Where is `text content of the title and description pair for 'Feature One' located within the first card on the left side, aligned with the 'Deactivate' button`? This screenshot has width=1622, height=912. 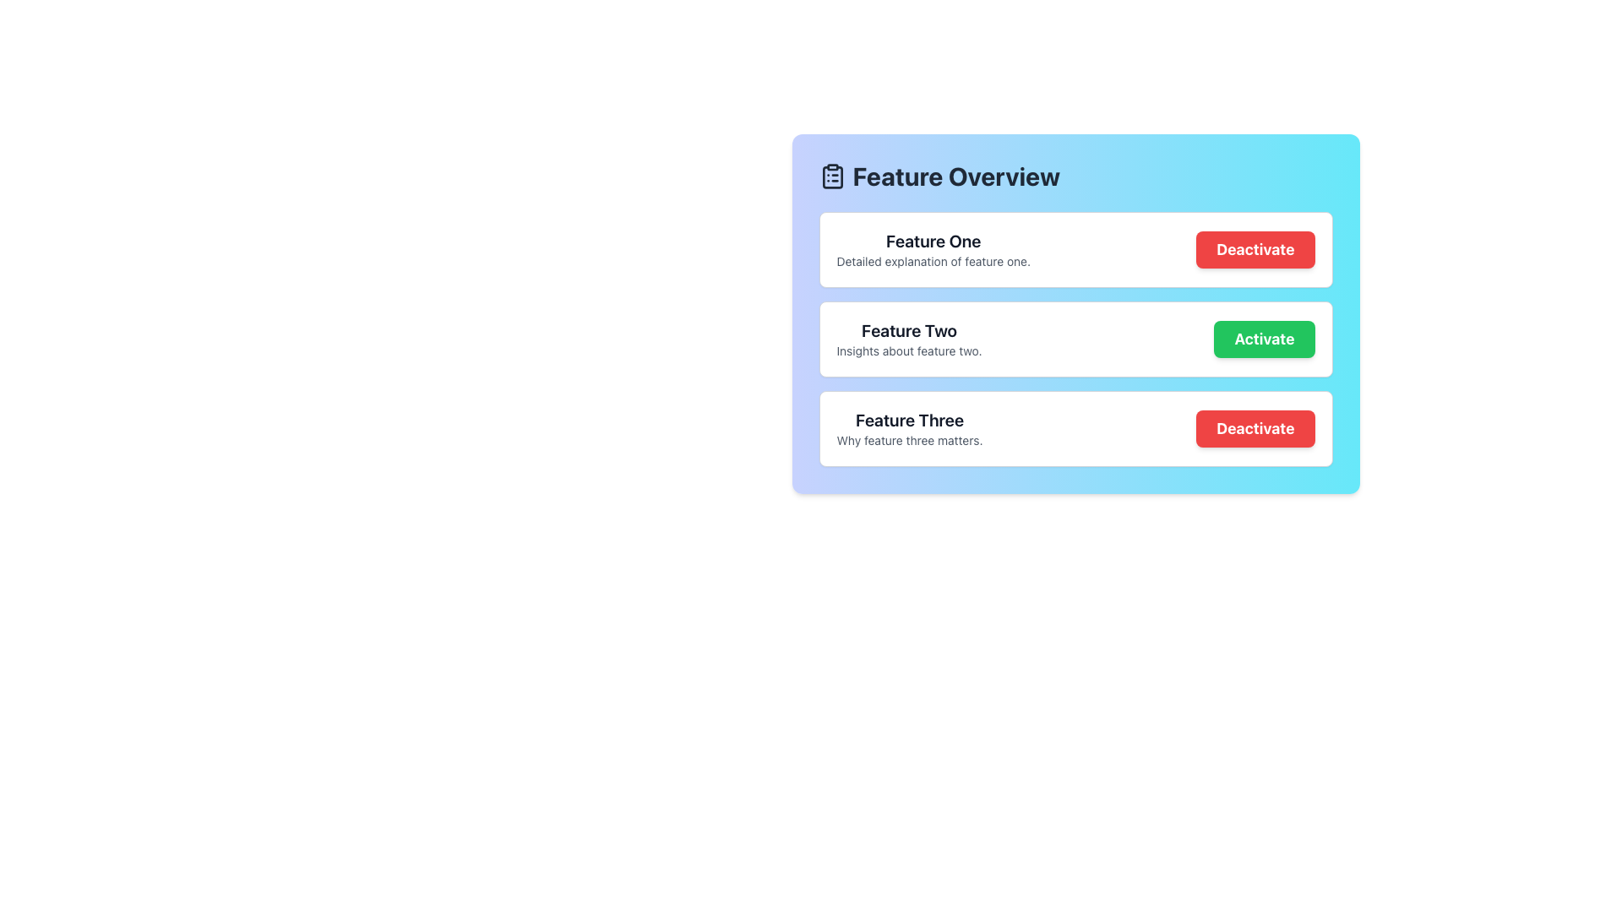 text content of the title and description pair for 'Feature One' located within the first card on the left side, aligned with the 'Deactivate' button is located at coordinates (933, 250).